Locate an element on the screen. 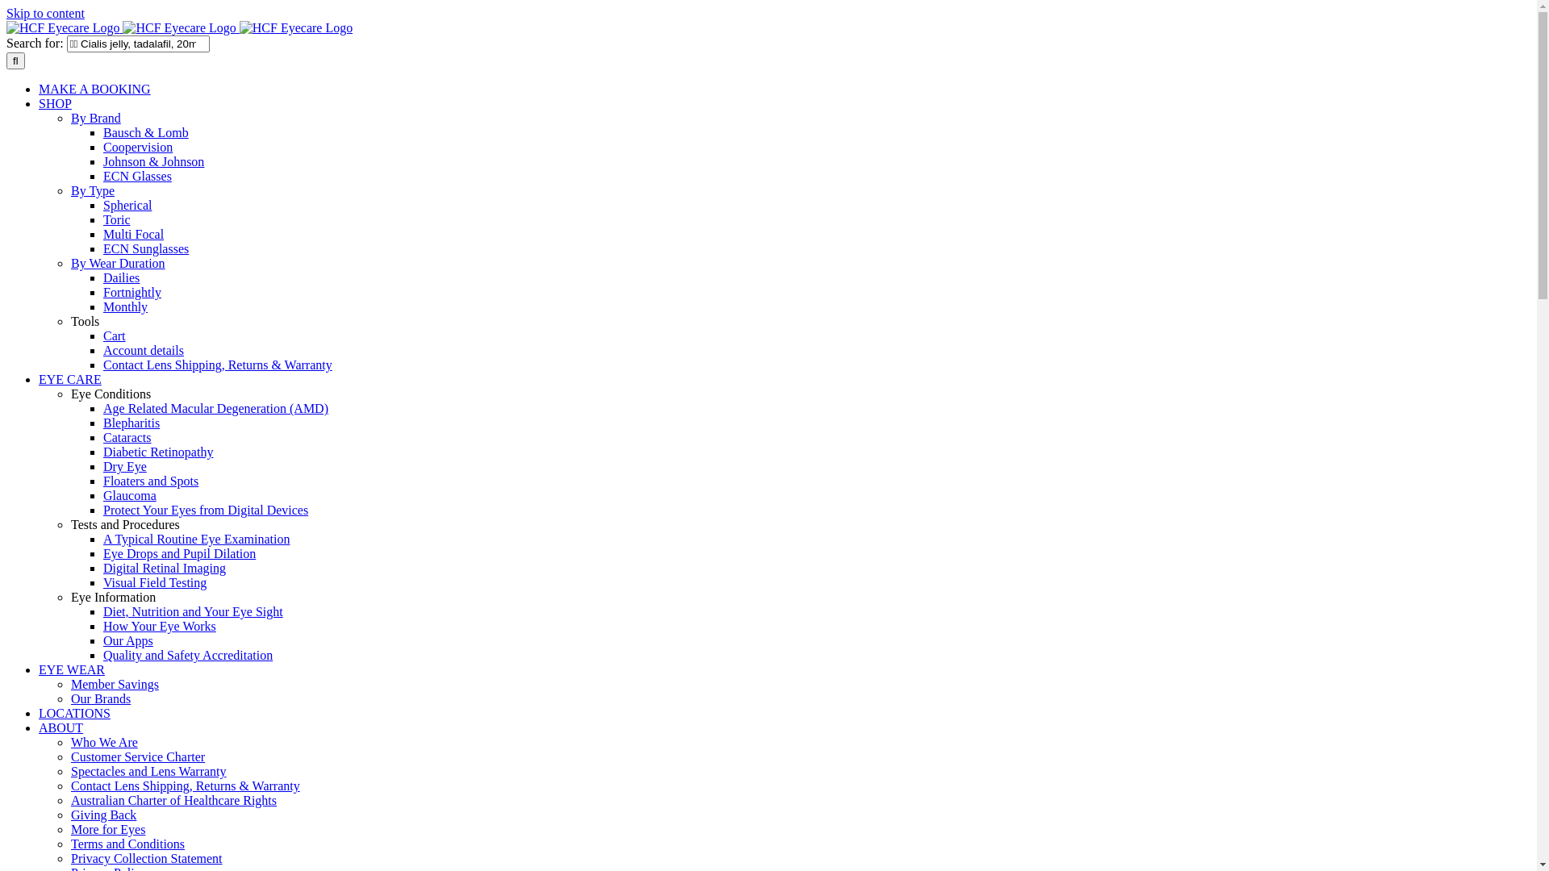  'Blepharitis' is located at coordinates (132, 422).